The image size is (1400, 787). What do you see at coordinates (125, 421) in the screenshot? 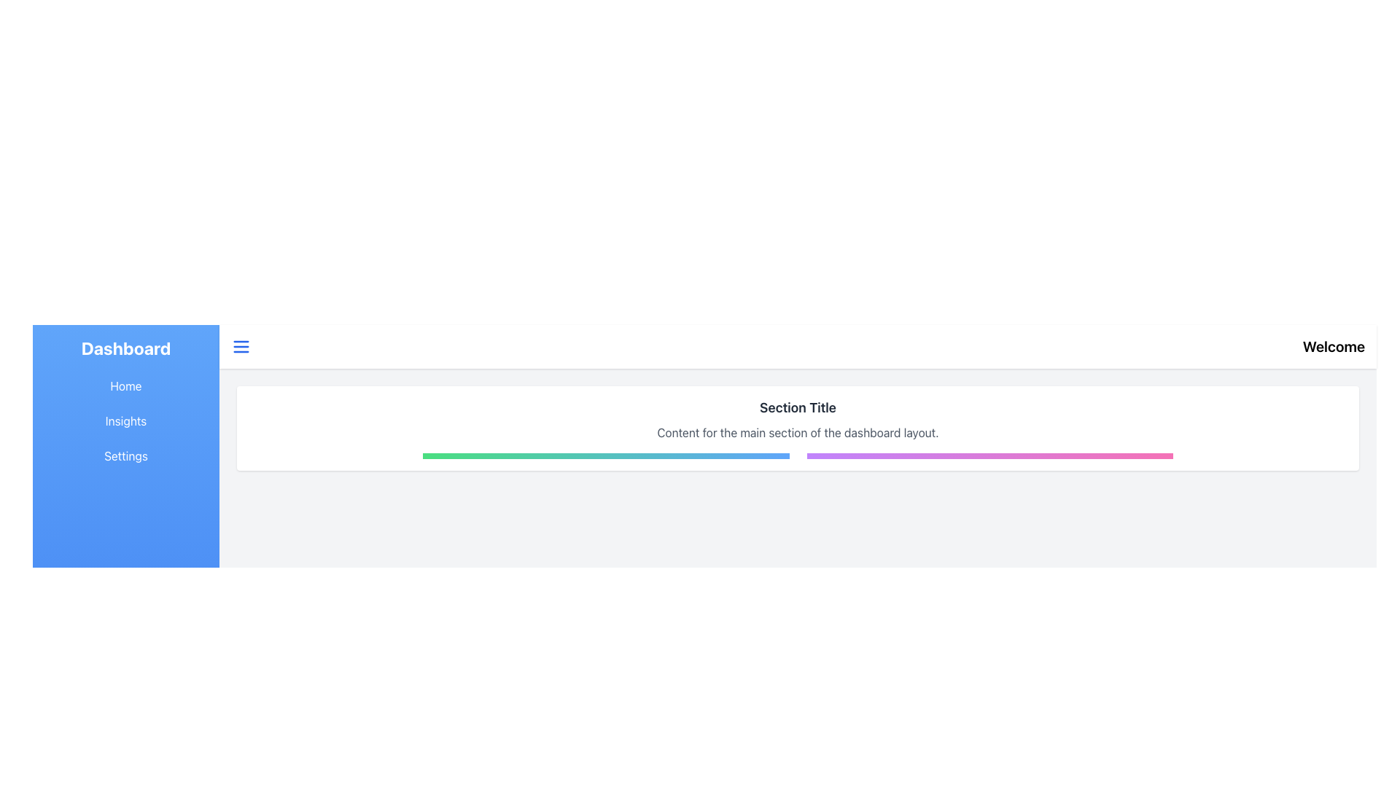
I see `the 'Insights' button in the left sidebar navigation list` at bounding box center [125, 421].